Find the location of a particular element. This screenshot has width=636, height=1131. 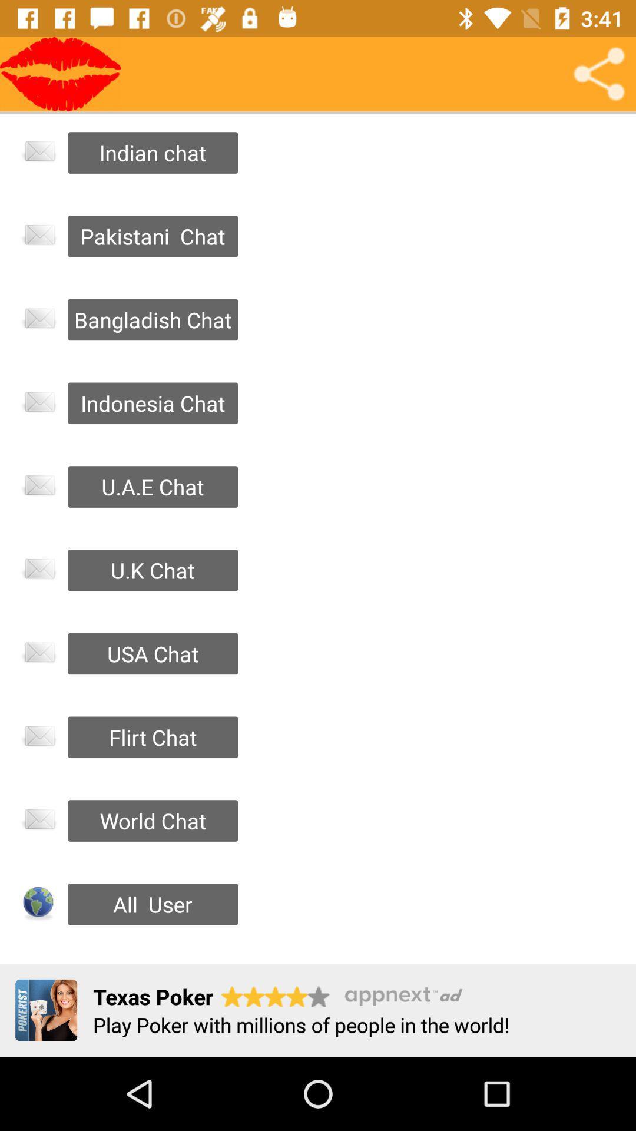

open share menu is located at coordinates (599, 73).